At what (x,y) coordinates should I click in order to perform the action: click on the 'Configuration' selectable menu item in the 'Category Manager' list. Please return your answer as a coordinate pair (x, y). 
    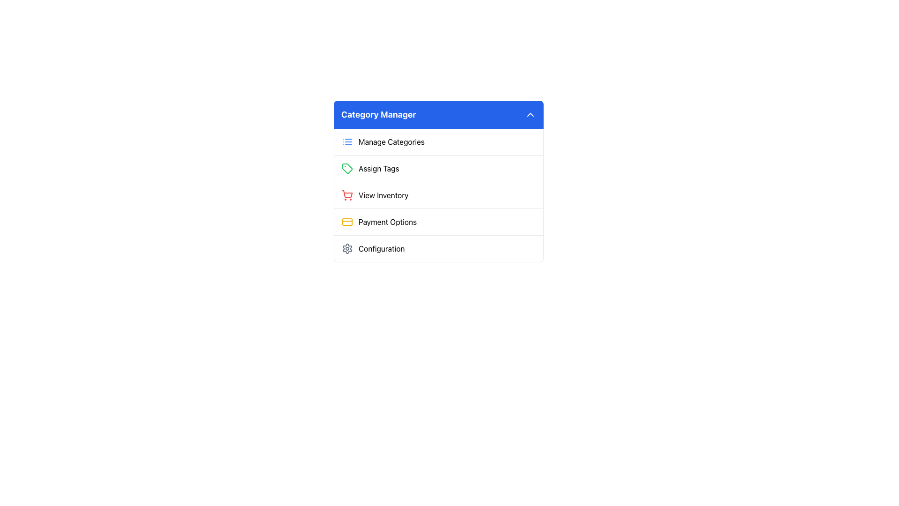
    Looking at the image, I should click on (438, 248).